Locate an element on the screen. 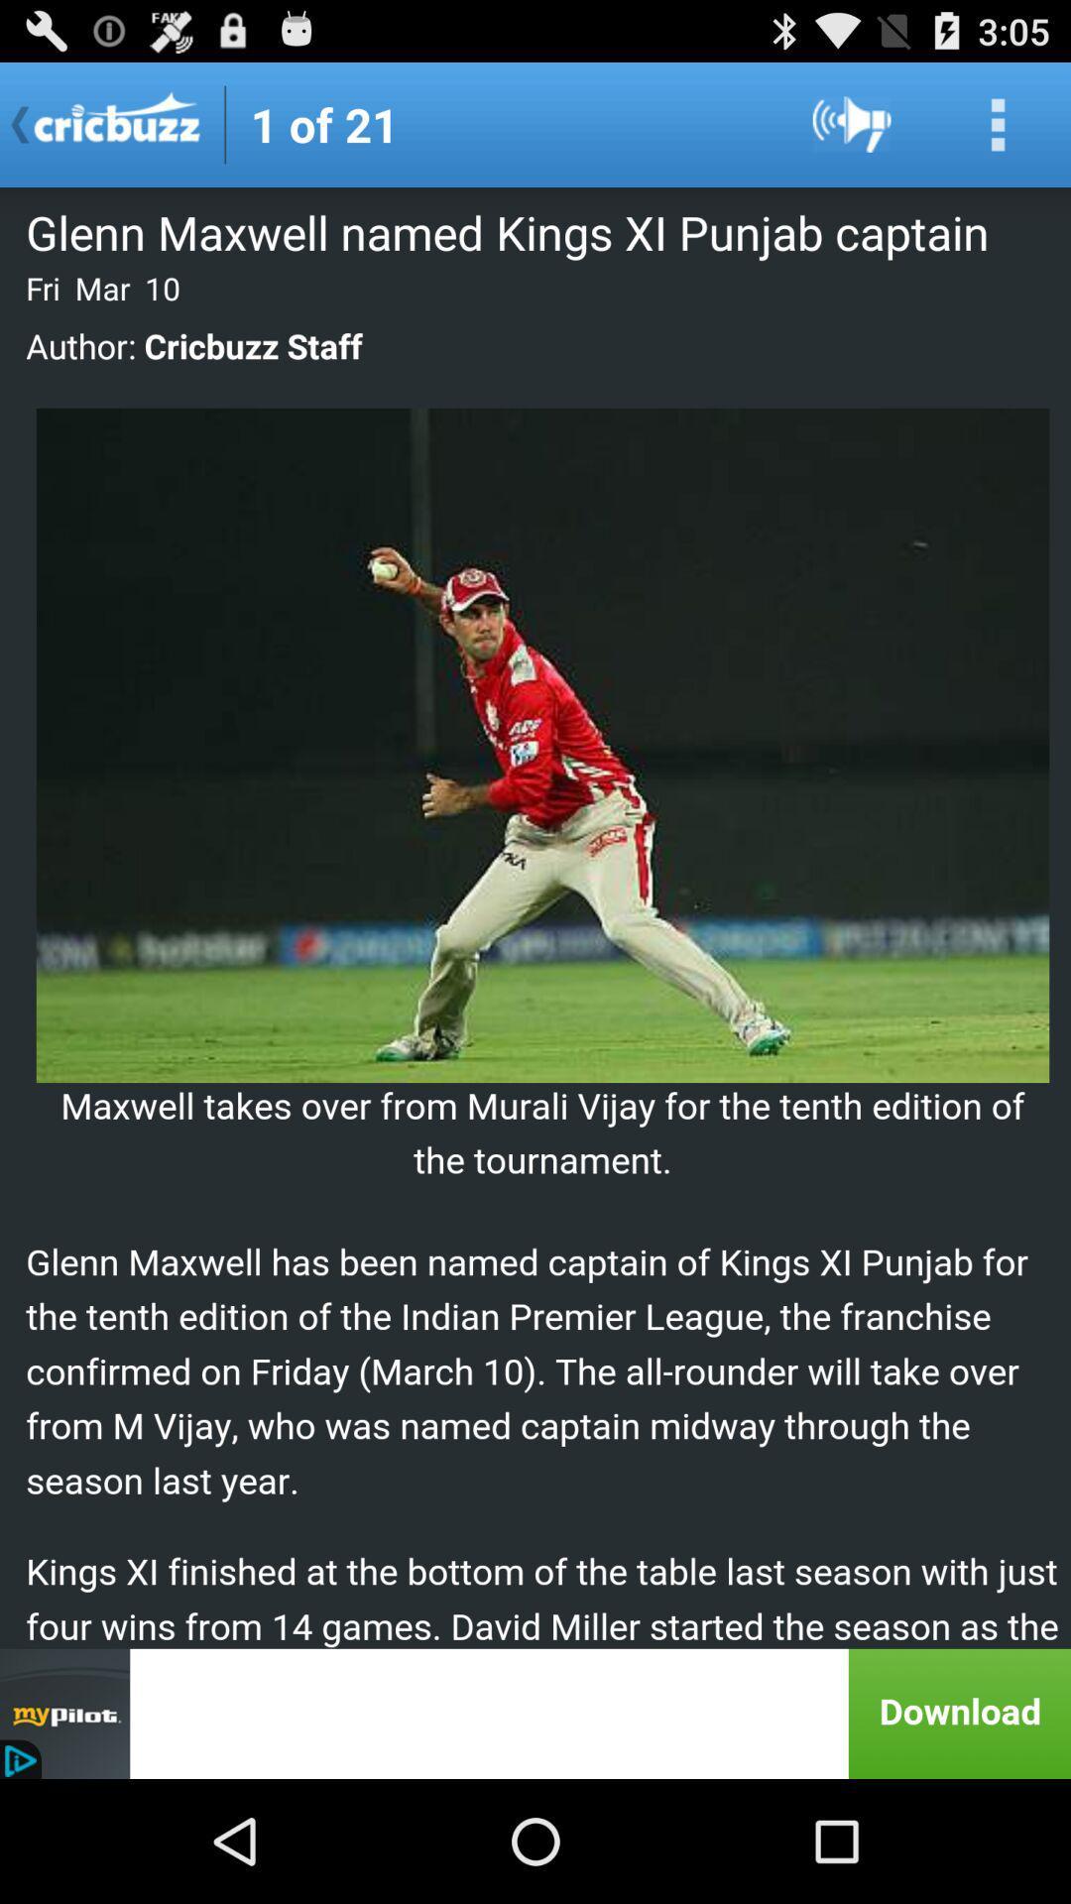 The height and width of the screenshot is (1904, 1071). speaker is located at coordinates (851, 123).